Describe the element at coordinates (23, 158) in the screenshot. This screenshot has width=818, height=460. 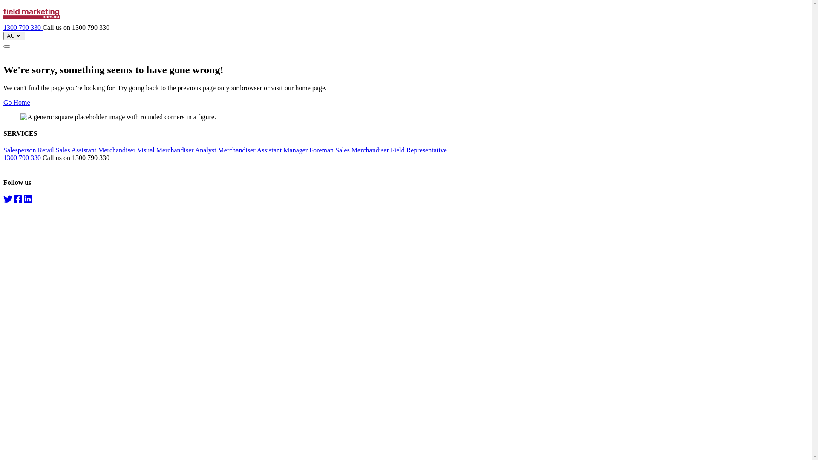
I see `'1300 790 330'` at that location.